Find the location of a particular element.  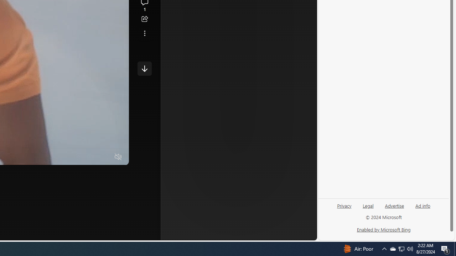

'Privacy' is located at coordinates (344, 205).